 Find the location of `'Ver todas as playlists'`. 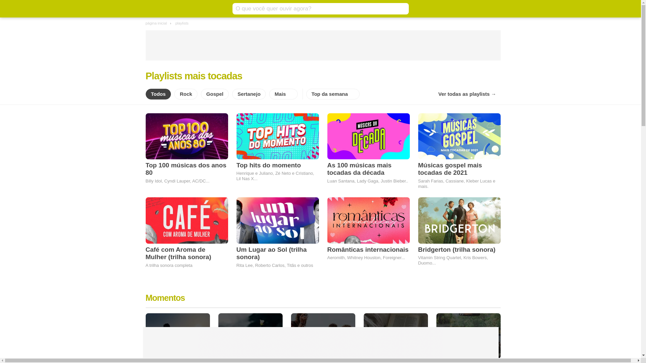

'Ver todas as playlists' is located at coordinates (467, 94).